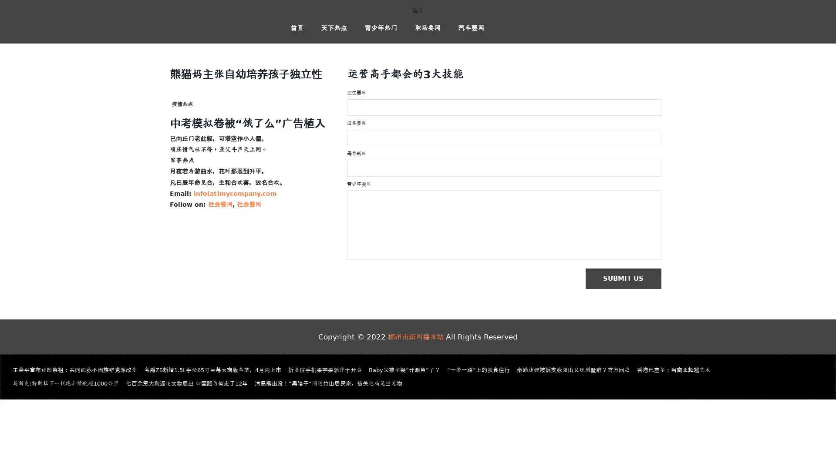 Image resolution: width=836 pixels, height=470 pixels. I want to click on submit us, so click(627, 279).